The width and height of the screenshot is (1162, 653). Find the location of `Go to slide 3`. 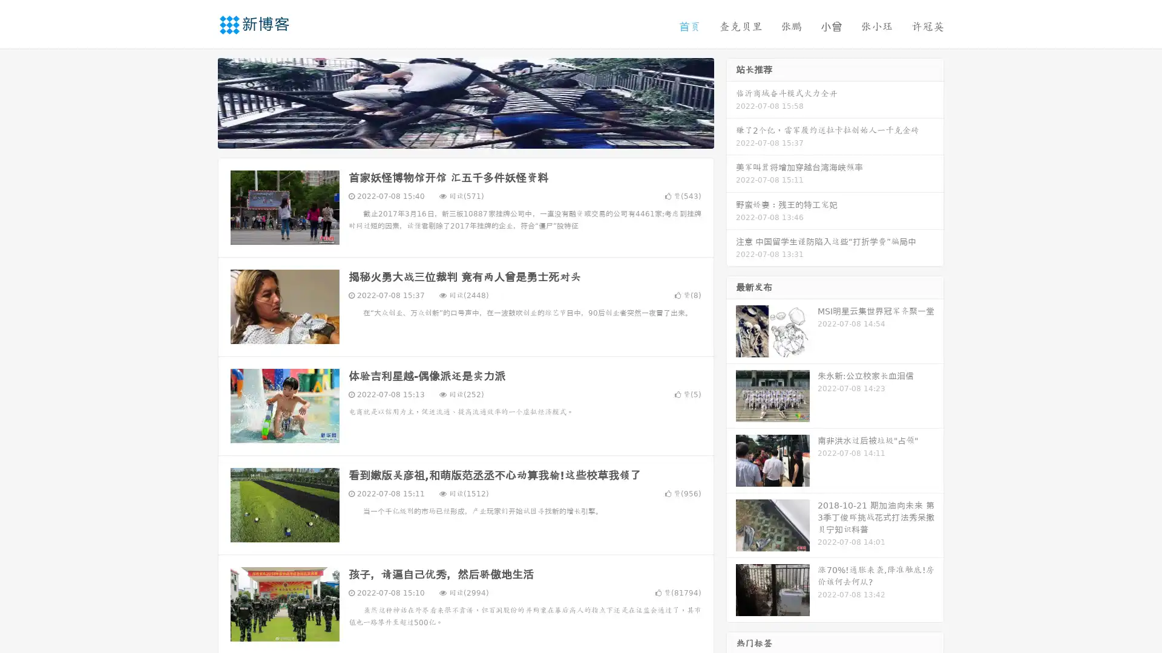

Go to slide 3 is located at coordinates (478, 136).